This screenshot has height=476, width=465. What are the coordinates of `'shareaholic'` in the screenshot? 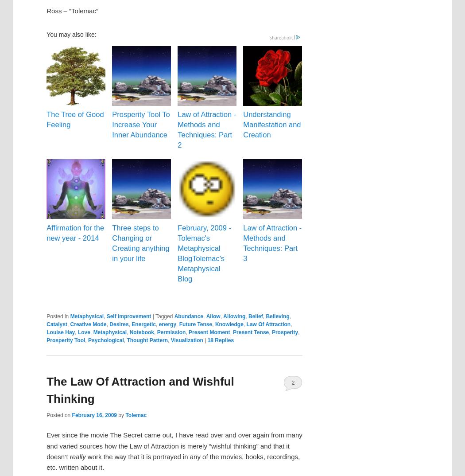 It's located at (281, 37).